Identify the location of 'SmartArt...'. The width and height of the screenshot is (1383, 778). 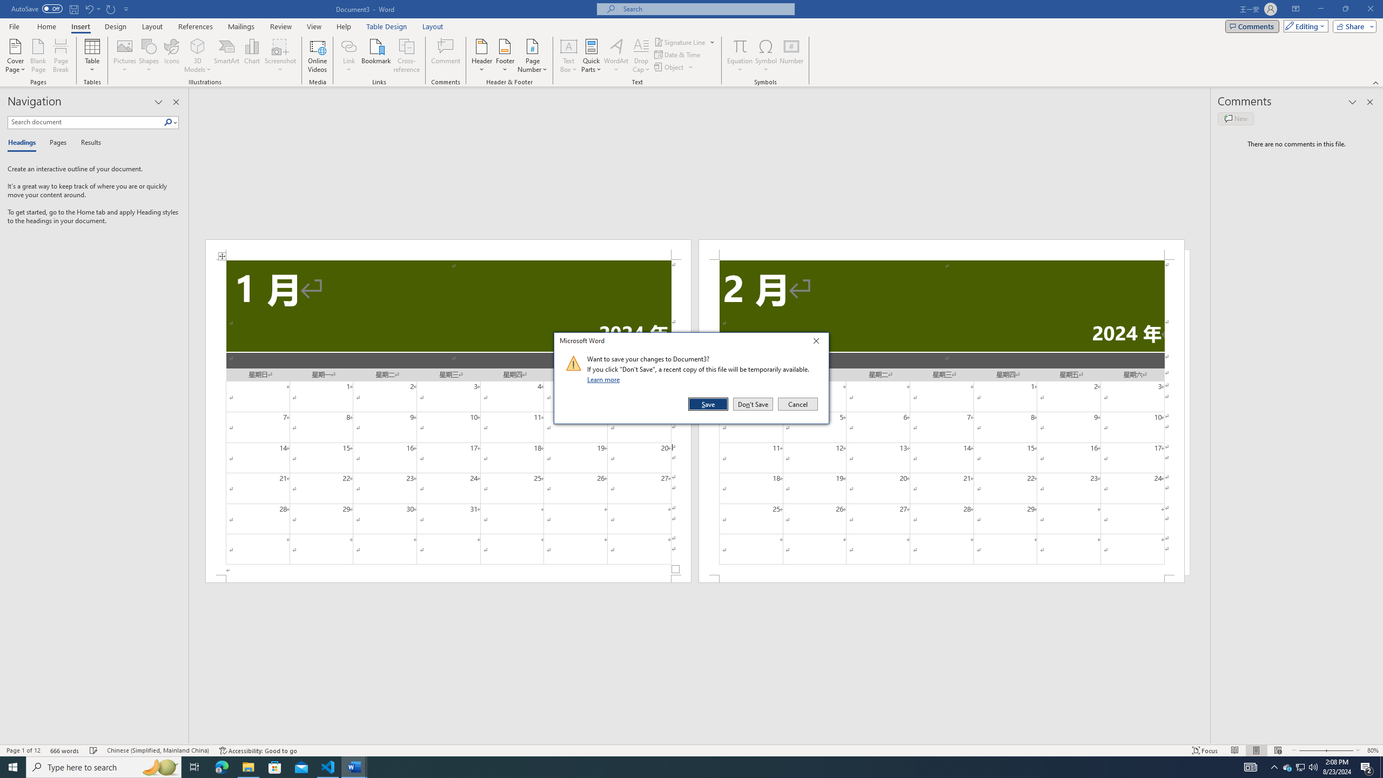
(226, 56).